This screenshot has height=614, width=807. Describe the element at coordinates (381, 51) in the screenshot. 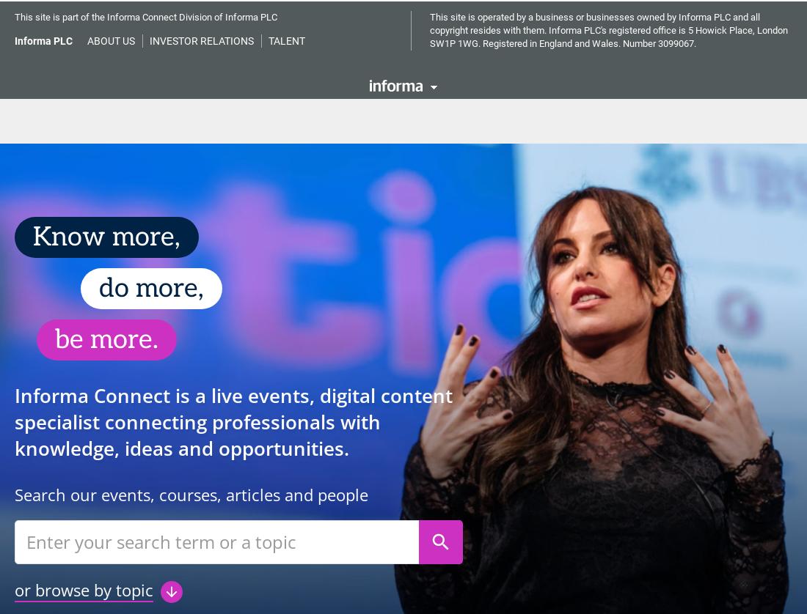

I see `'Cookie Policy'` at that location.